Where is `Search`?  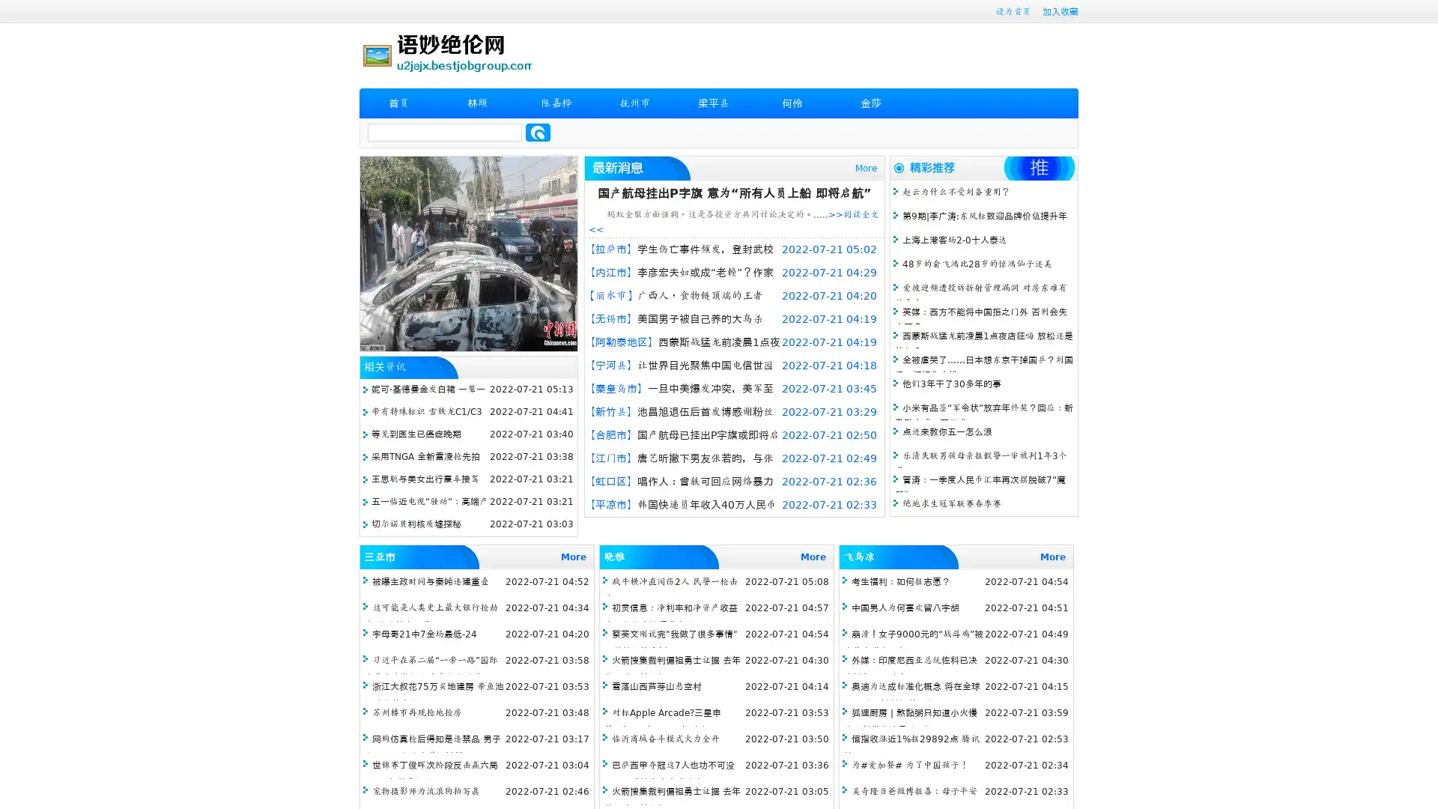
Search is located at coordinates (538, 132).